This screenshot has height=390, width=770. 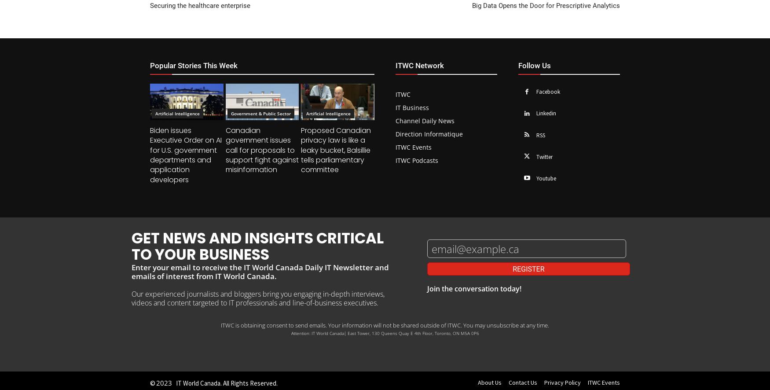 I want to click on 'Direction Informatique', so click(x=429, y=133).